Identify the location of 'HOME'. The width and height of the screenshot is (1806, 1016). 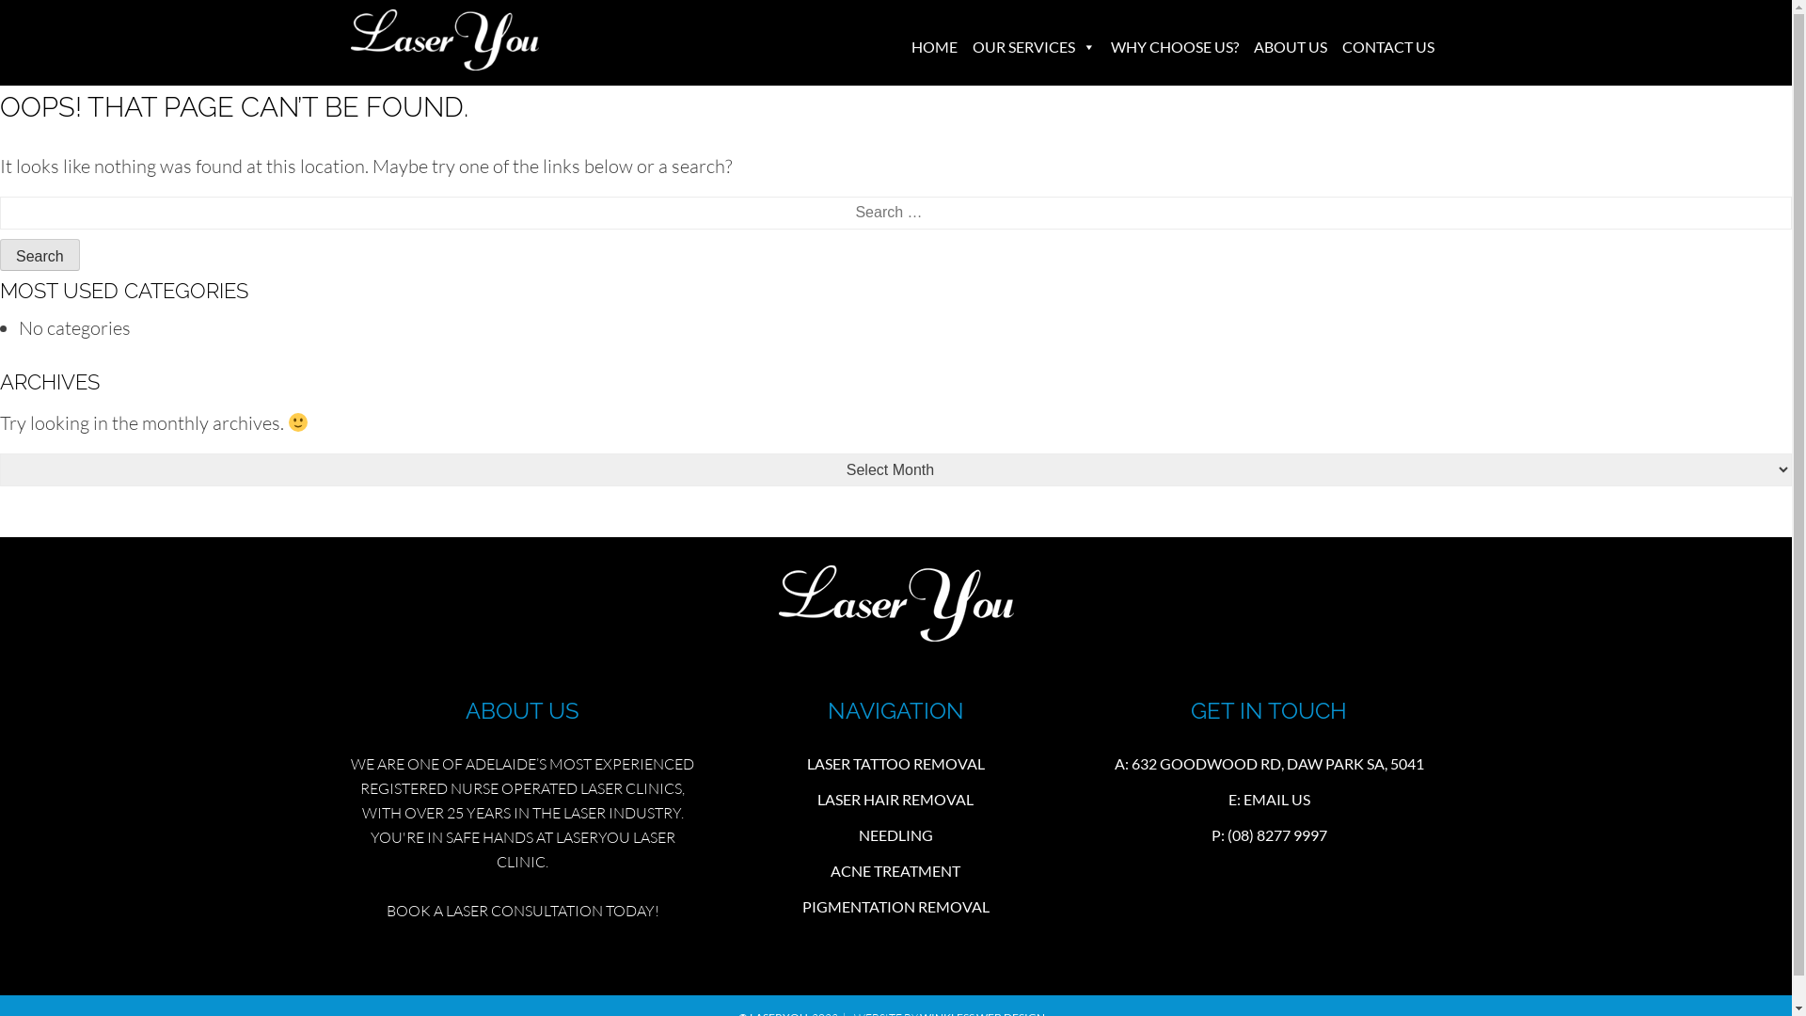
(933, 46).